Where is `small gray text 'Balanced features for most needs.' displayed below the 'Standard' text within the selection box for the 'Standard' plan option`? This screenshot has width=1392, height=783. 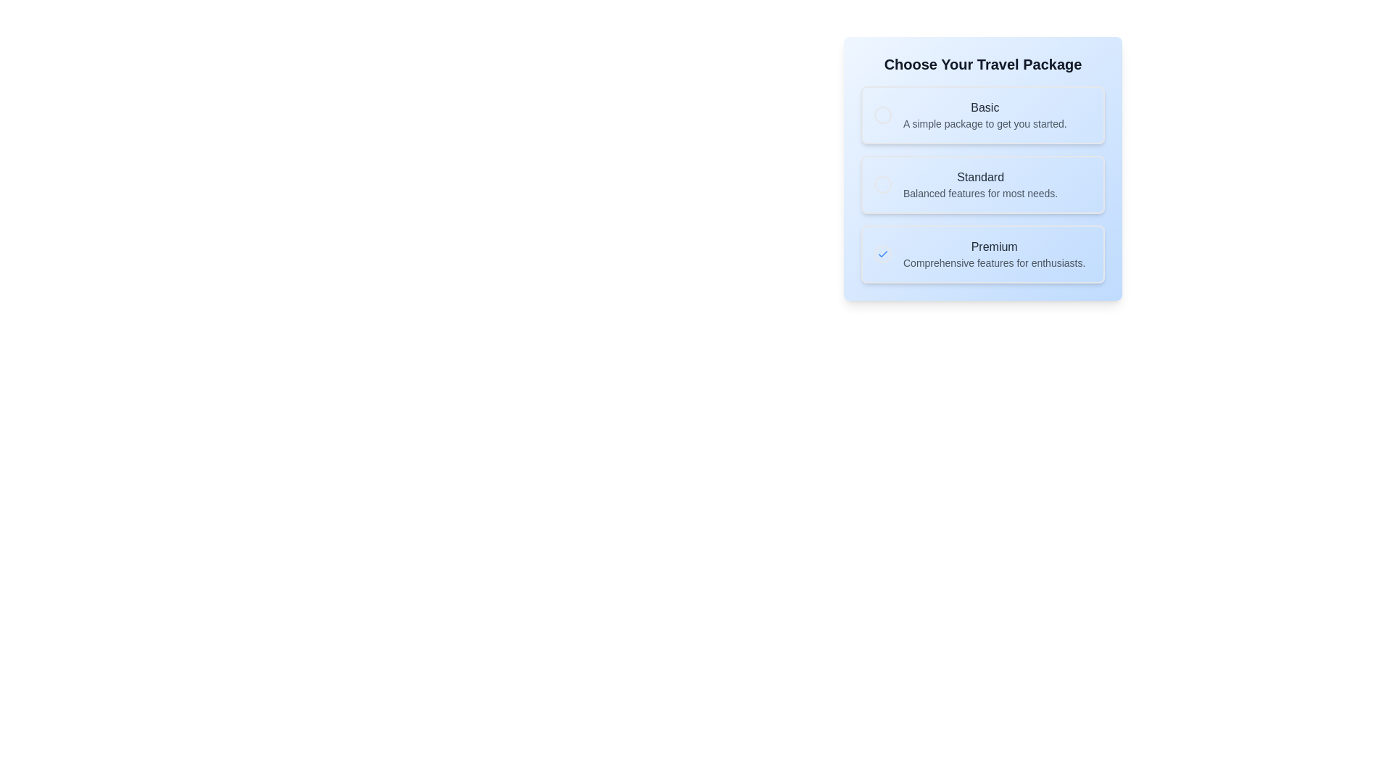 small gray text 'Balanced features for most needs.' displayed below the 'Standard' text within the selection box for the 'Standard' plan option is located at coordinates (980, 192).